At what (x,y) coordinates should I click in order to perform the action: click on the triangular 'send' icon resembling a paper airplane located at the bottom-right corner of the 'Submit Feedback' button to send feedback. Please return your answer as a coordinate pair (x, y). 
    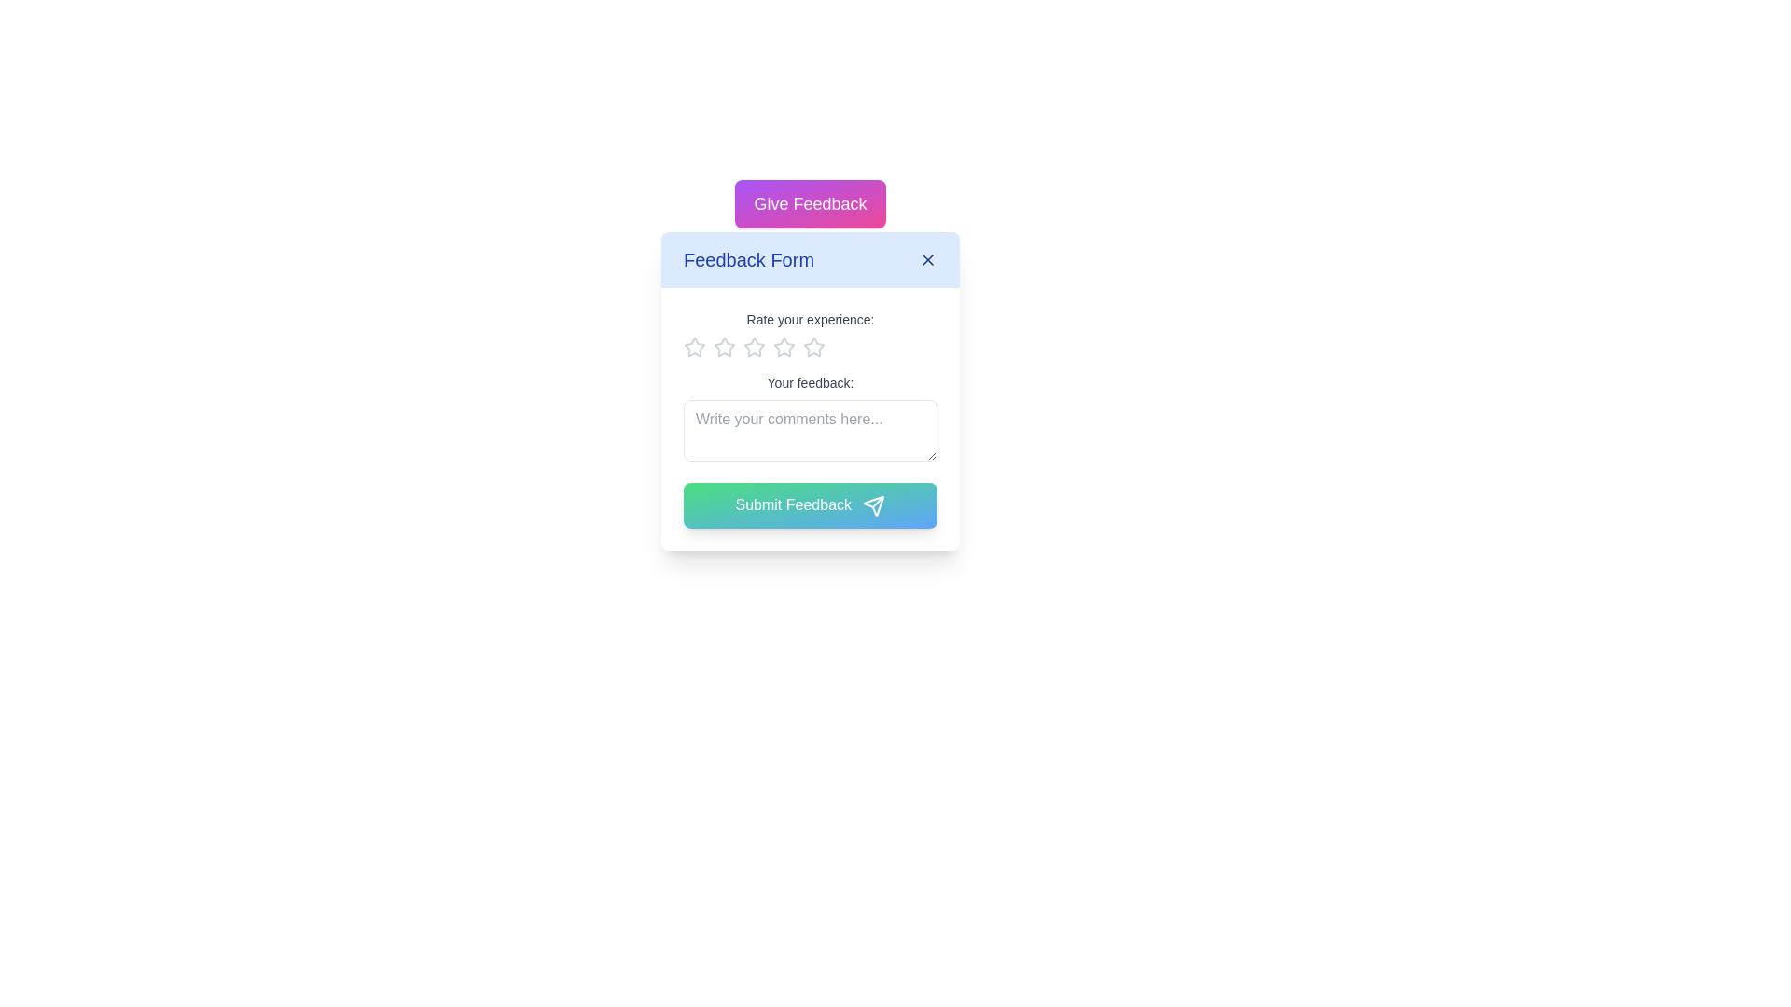
    Looking at the image, I should click on (873, 505).